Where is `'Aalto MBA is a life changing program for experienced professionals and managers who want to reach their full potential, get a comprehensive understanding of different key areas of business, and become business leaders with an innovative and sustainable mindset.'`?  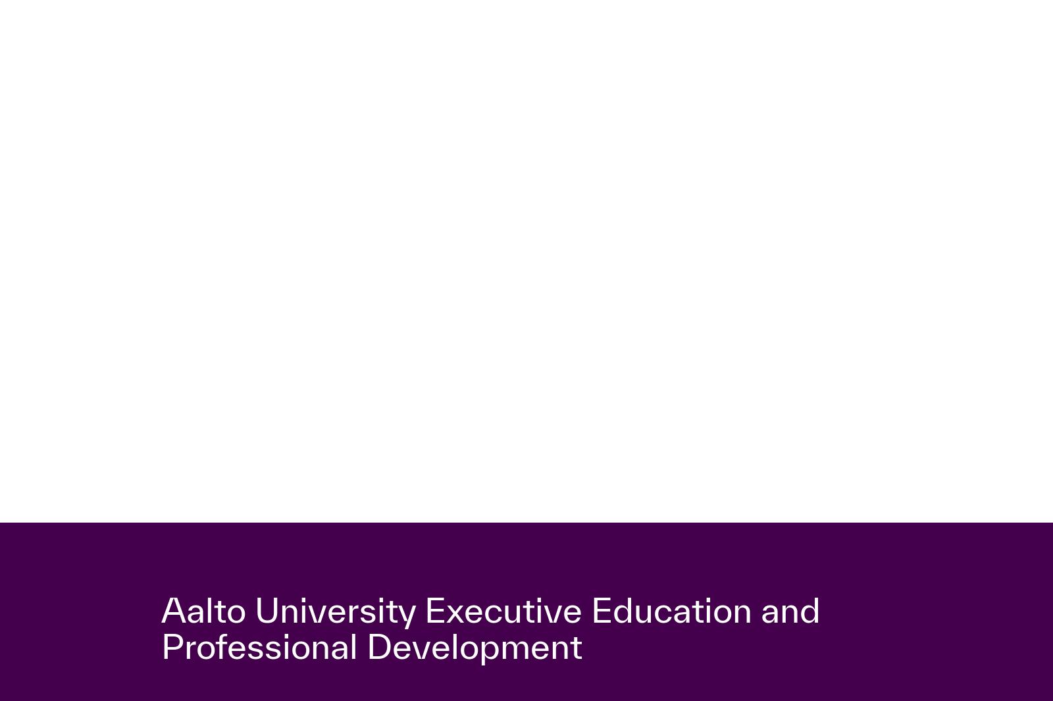
'Aalto MBA is a life changing program for experienced professionals and managers who want to reach their full potential, get a comprehensive understanding of different key areas of business, and become business leaders with an innovative and sustainable mindset.' is located at coordinates (426, 82).